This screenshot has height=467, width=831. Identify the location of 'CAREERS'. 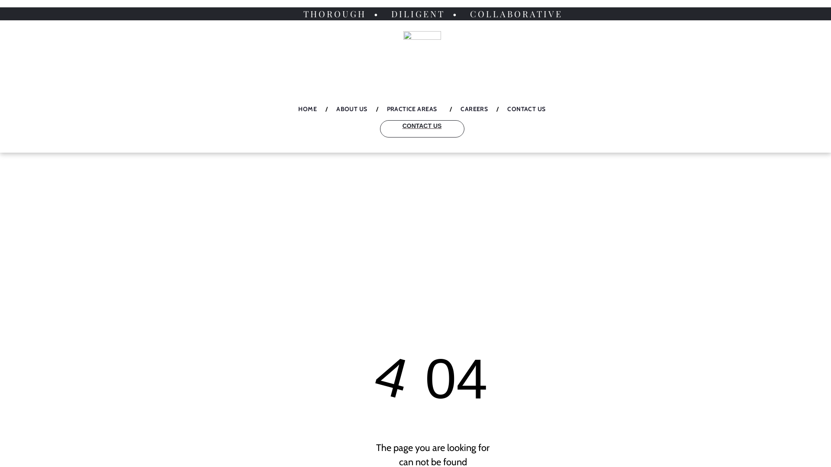
(451, 109).